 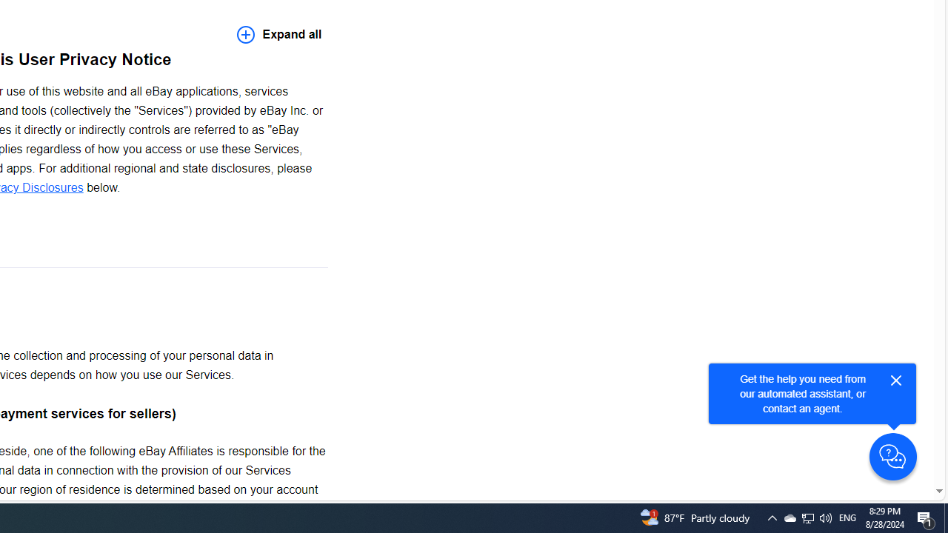 What do you see at coordinates (279, 33) in the screenshot?
I see `'Expand all'` at bounding box center [279, 33].